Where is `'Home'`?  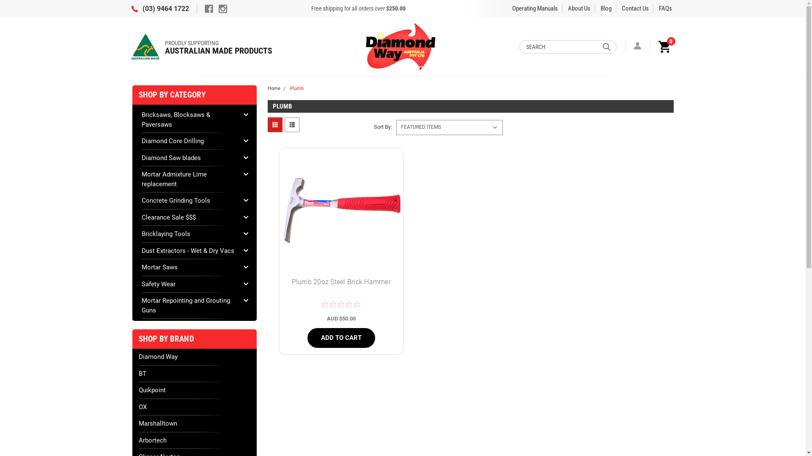
'Home' is located at coordinates (274, 88).